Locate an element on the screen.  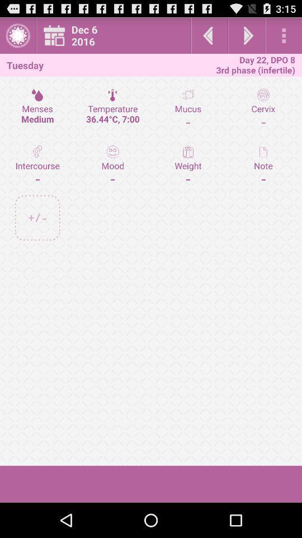
the item at the bottom is located at coordinates (151, 484).